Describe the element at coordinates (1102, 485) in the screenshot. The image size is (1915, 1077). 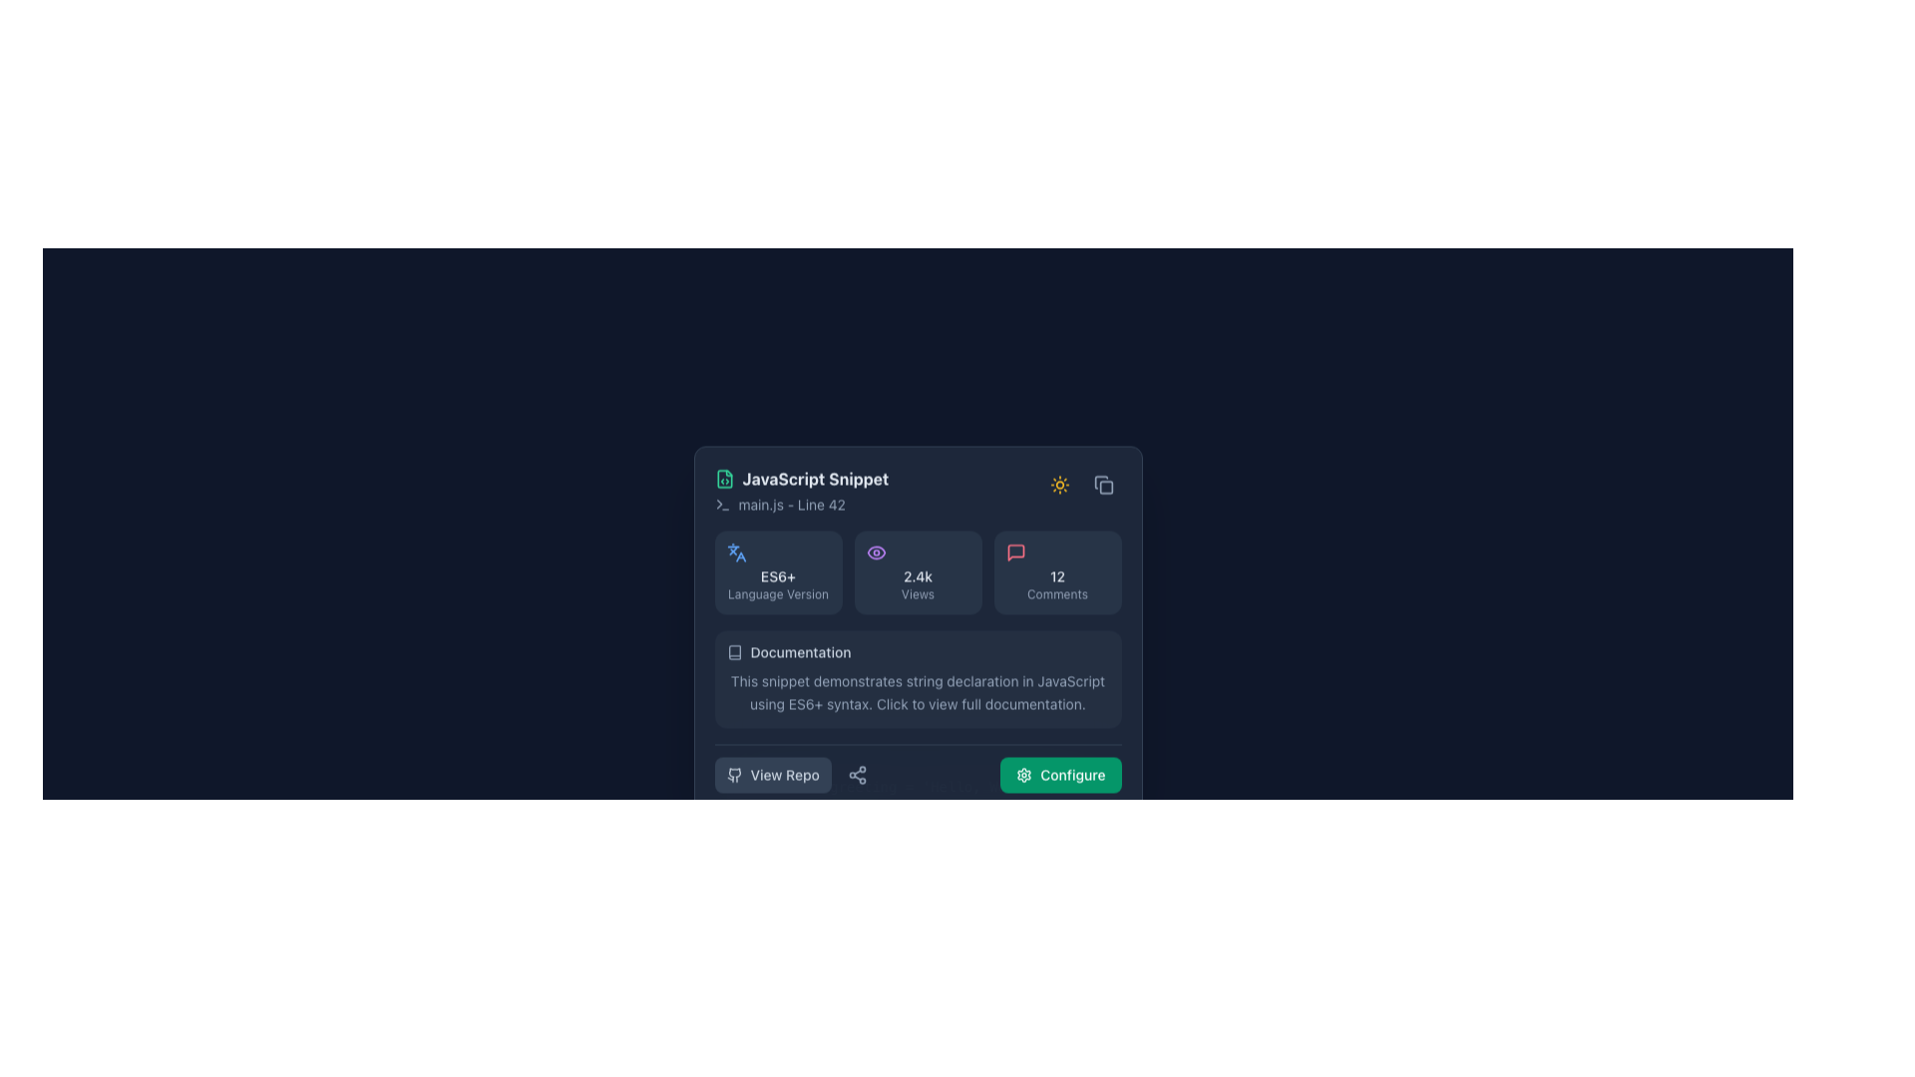
I see `the unique 'copy' button icon located in the upper-right corner of the 'JavaScript Snippet' popup panel to change its hover state` at that location.